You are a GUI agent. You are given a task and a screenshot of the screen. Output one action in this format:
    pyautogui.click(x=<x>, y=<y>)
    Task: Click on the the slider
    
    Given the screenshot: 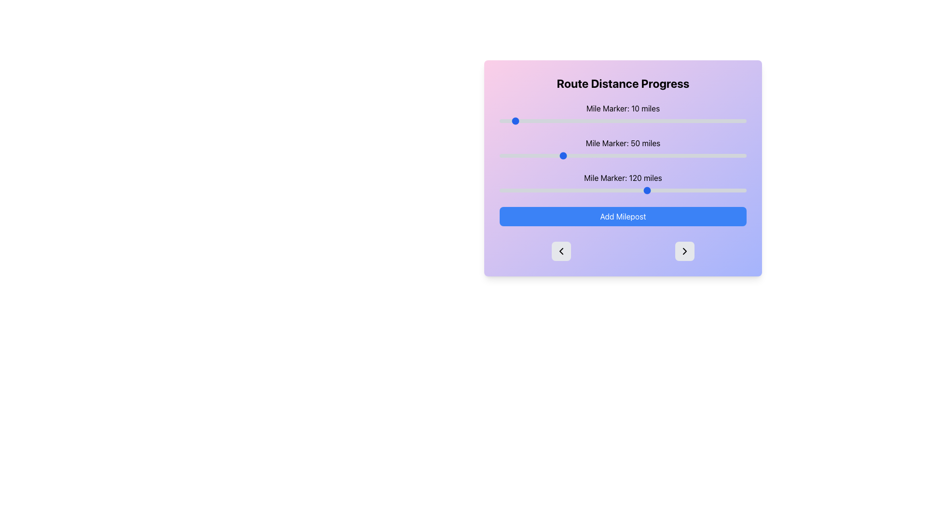 What is the action you would take?
    pyautogui.click(x=546, y=155)
    